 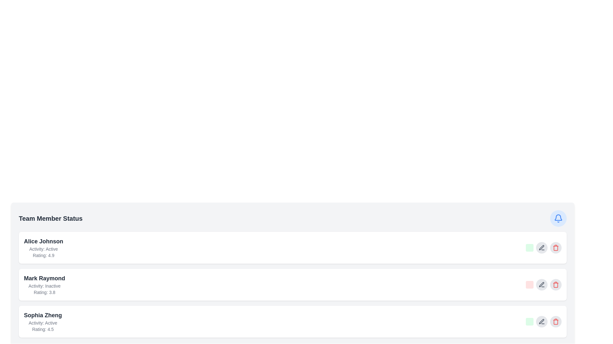 What do you see at coordinates (44, 286) in the screenshot?
I see `the text label element that displays 'Activity: Inactive' below 'Mark Raymond' in the user status card` at bounding box center [44, 286].